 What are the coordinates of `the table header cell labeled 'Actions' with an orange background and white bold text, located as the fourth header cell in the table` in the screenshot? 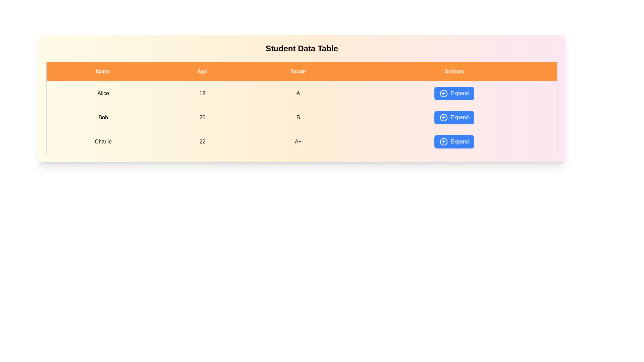 It's located at (454, 71).